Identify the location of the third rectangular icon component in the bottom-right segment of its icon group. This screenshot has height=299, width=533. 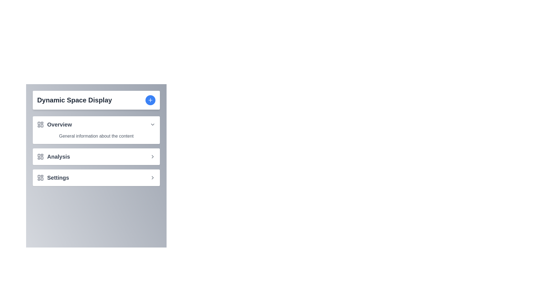
(42, 179).